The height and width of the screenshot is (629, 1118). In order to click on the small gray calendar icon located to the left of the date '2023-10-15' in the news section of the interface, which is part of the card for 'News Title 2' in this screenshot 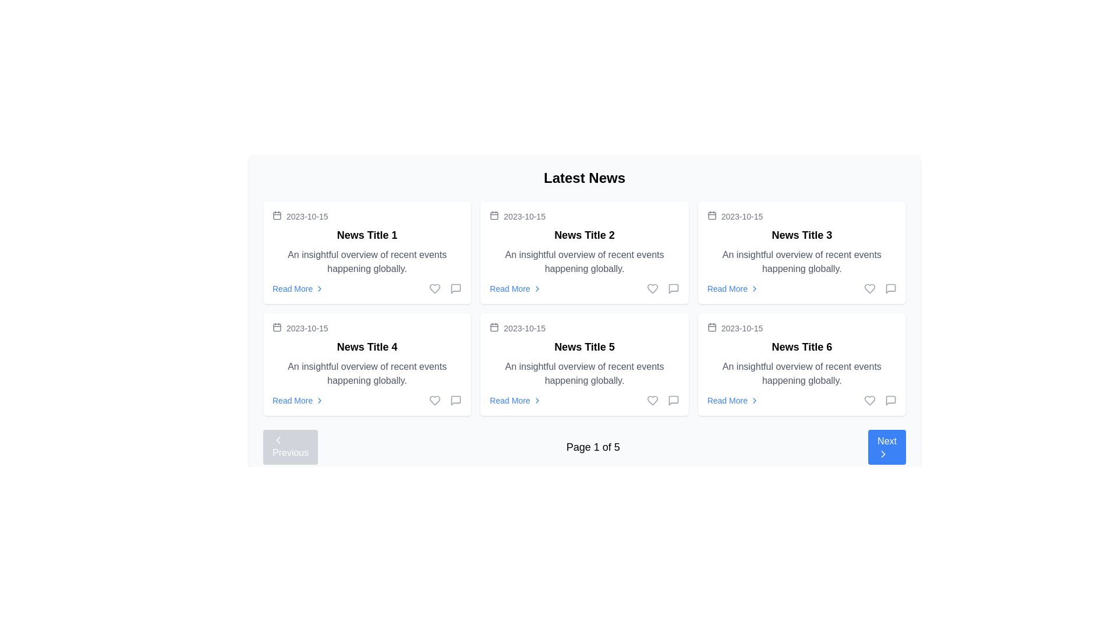, I will do `click(494, 215)`.